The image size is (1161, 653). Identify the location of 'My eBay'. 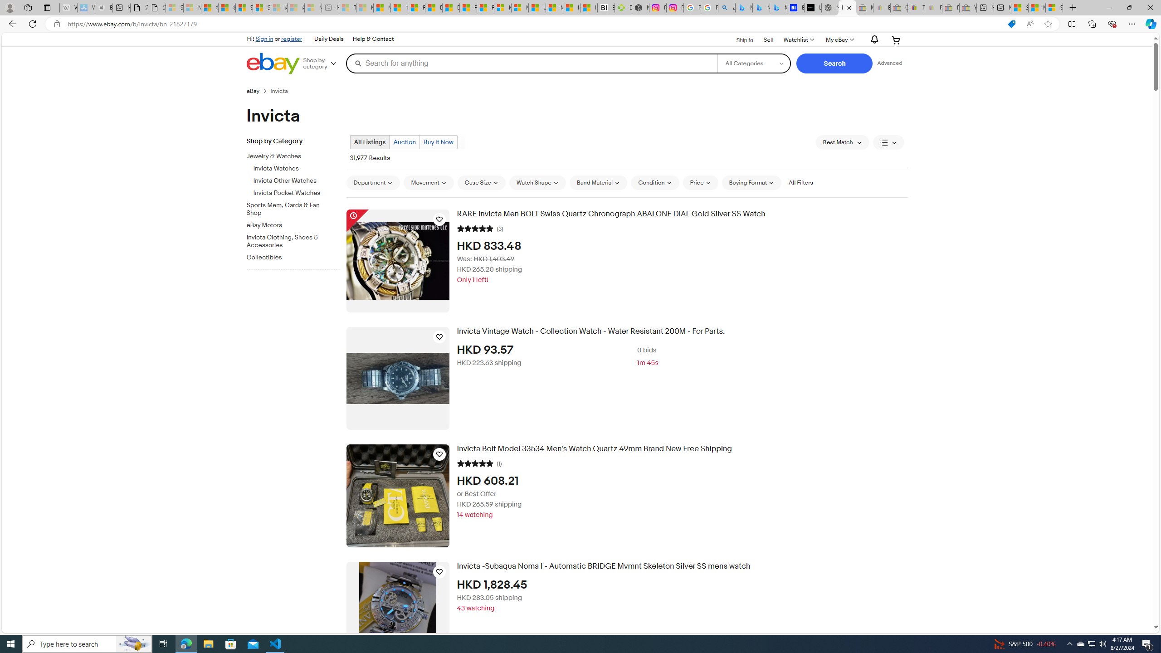
(839, 39).